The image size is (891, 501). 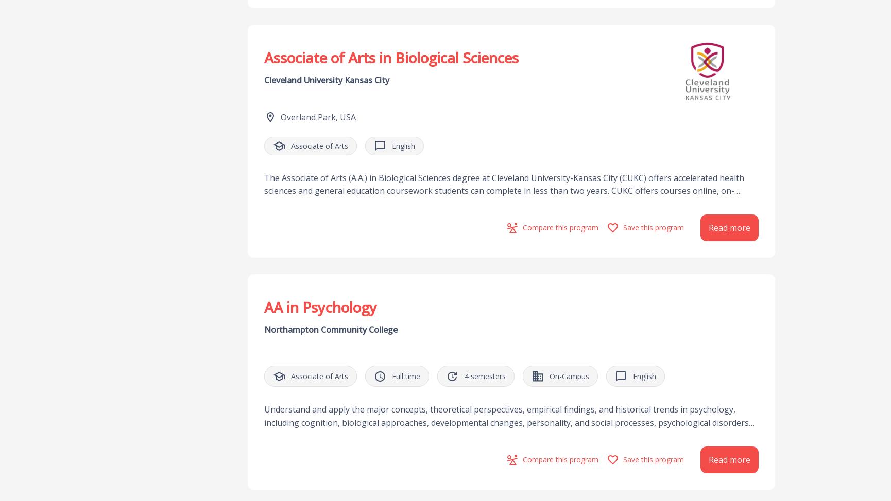 What do you see at coordinates (391, 375) in the screenshot?
I see `'Full time'` at bounding box center [391, 375].